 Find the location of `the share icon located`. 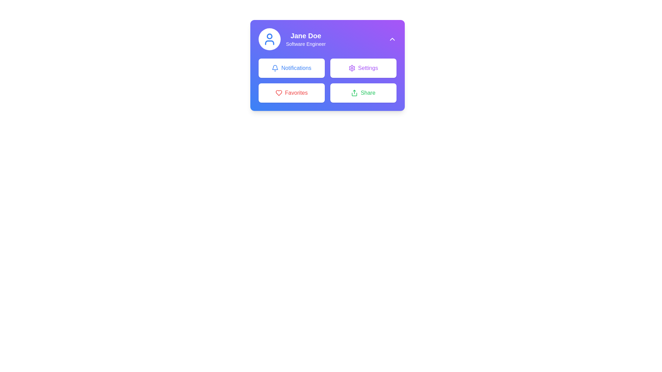

the share icon located is located at coordinates (354, 93).